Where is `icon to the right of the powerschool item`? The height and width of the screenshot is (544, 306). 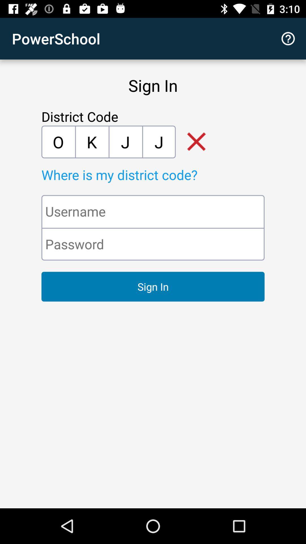 icon to the right of the powerschool item is located at coordinates (288, 38).